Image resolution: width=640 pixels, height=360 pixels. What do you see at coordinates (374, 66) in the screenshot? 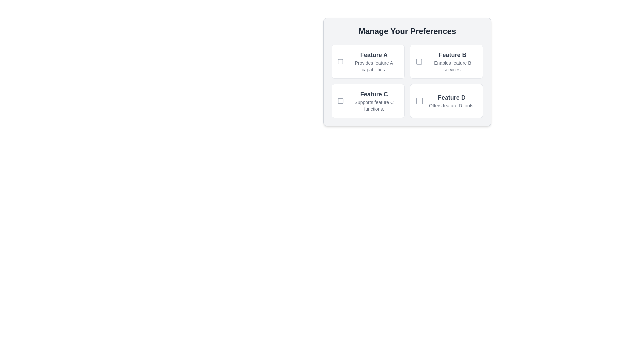
I see `the text label that reads 'Provides feature A capabilities.', which is styled in a smaller font size and gray color, located beneath the heading 'Feature A' in the preferences selection box` at bounding box center [374, 66].